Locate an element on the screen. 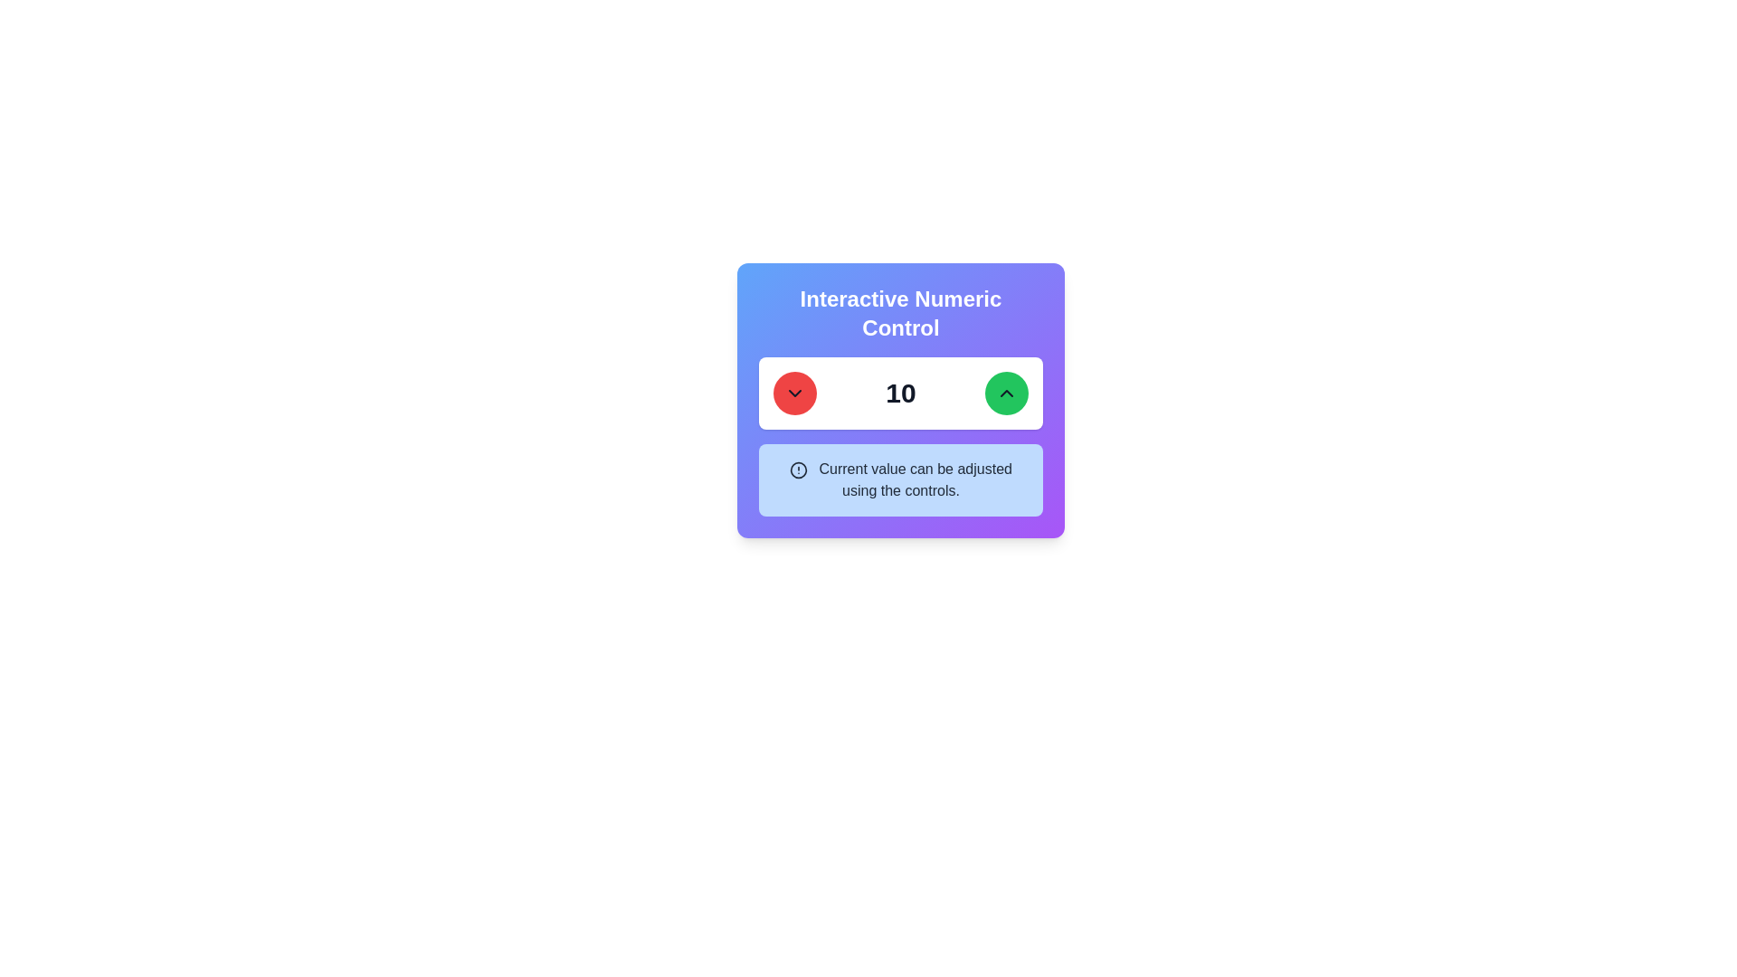  the bold numeric text '10' which is centrally aligned within a white rectangular background in the control interface is located at coordinates (901, 393).